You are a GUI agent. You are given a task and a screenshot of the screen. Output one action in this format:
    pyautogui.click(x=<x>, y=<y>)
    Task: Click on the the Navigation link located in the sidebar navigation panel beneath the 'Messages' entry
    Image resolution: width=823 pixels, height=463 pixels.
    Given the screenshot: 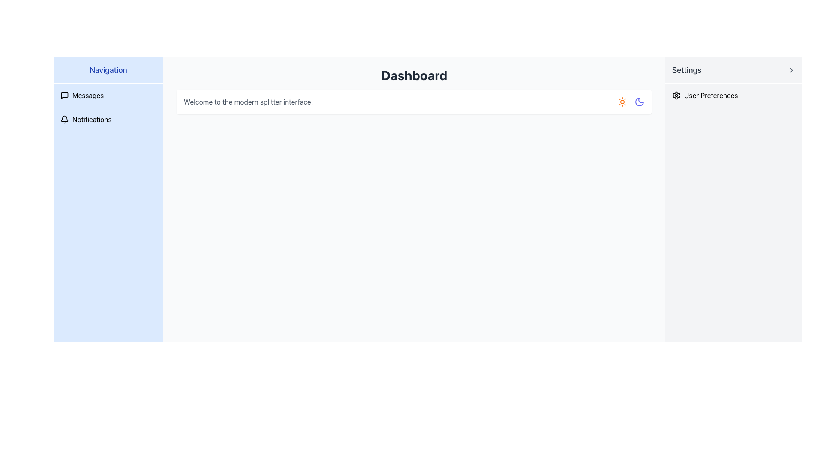 What is the action you would take?
    pyautogui.click(x=108, y=119)
    